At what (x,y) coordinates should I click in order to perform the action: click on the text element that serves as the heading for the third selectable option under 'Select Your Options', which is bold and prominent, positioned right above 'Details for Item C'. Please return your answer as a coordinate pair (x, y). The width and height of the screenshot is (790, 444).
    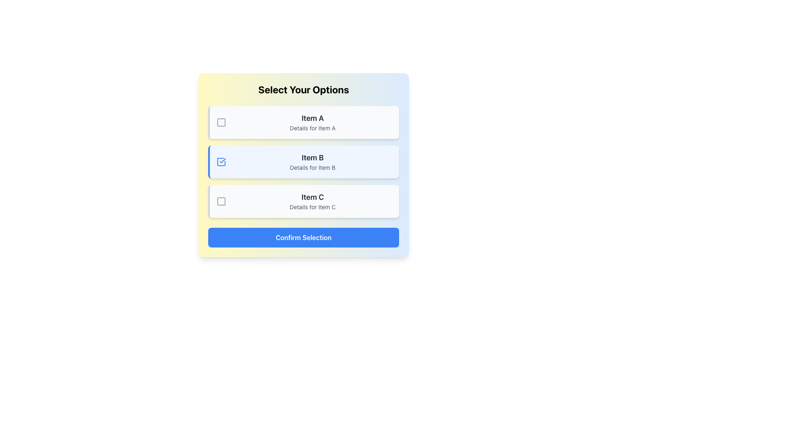
    Looking at the image, I should click on (312, 197).